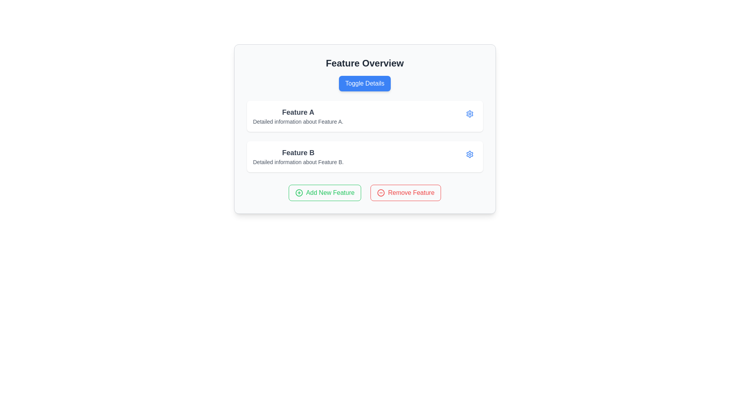 The image size is (748, 420). What do you see at coordinates (298, 121) in the screenshot?
I see `the static text element that reads 'Detailed information about Feature A.', which is styled in a smaller gray font and positioned beneath the 'Feature A' heading` at bounding box center [298, 121].